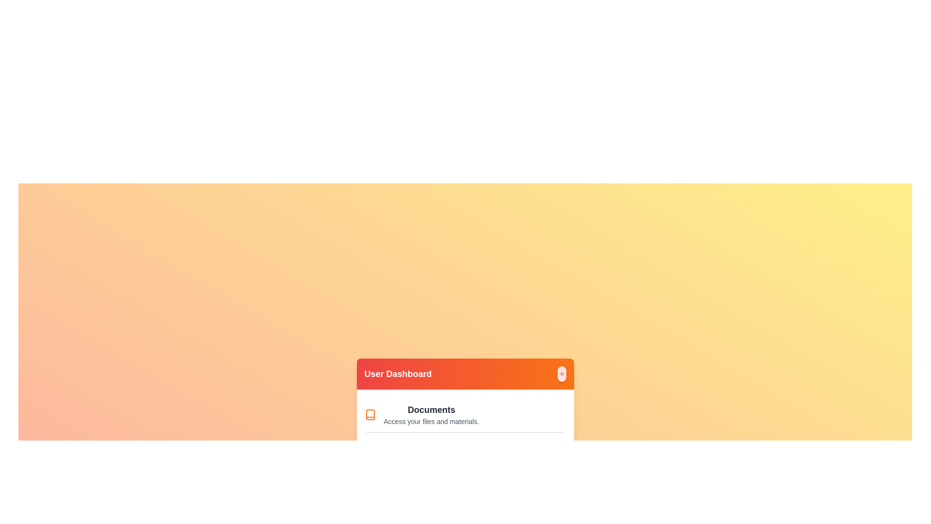  Describe the element at coordinates (431, 409) in the screenshot. I see `the 'Documents' menu item to access its functionality` at that location.